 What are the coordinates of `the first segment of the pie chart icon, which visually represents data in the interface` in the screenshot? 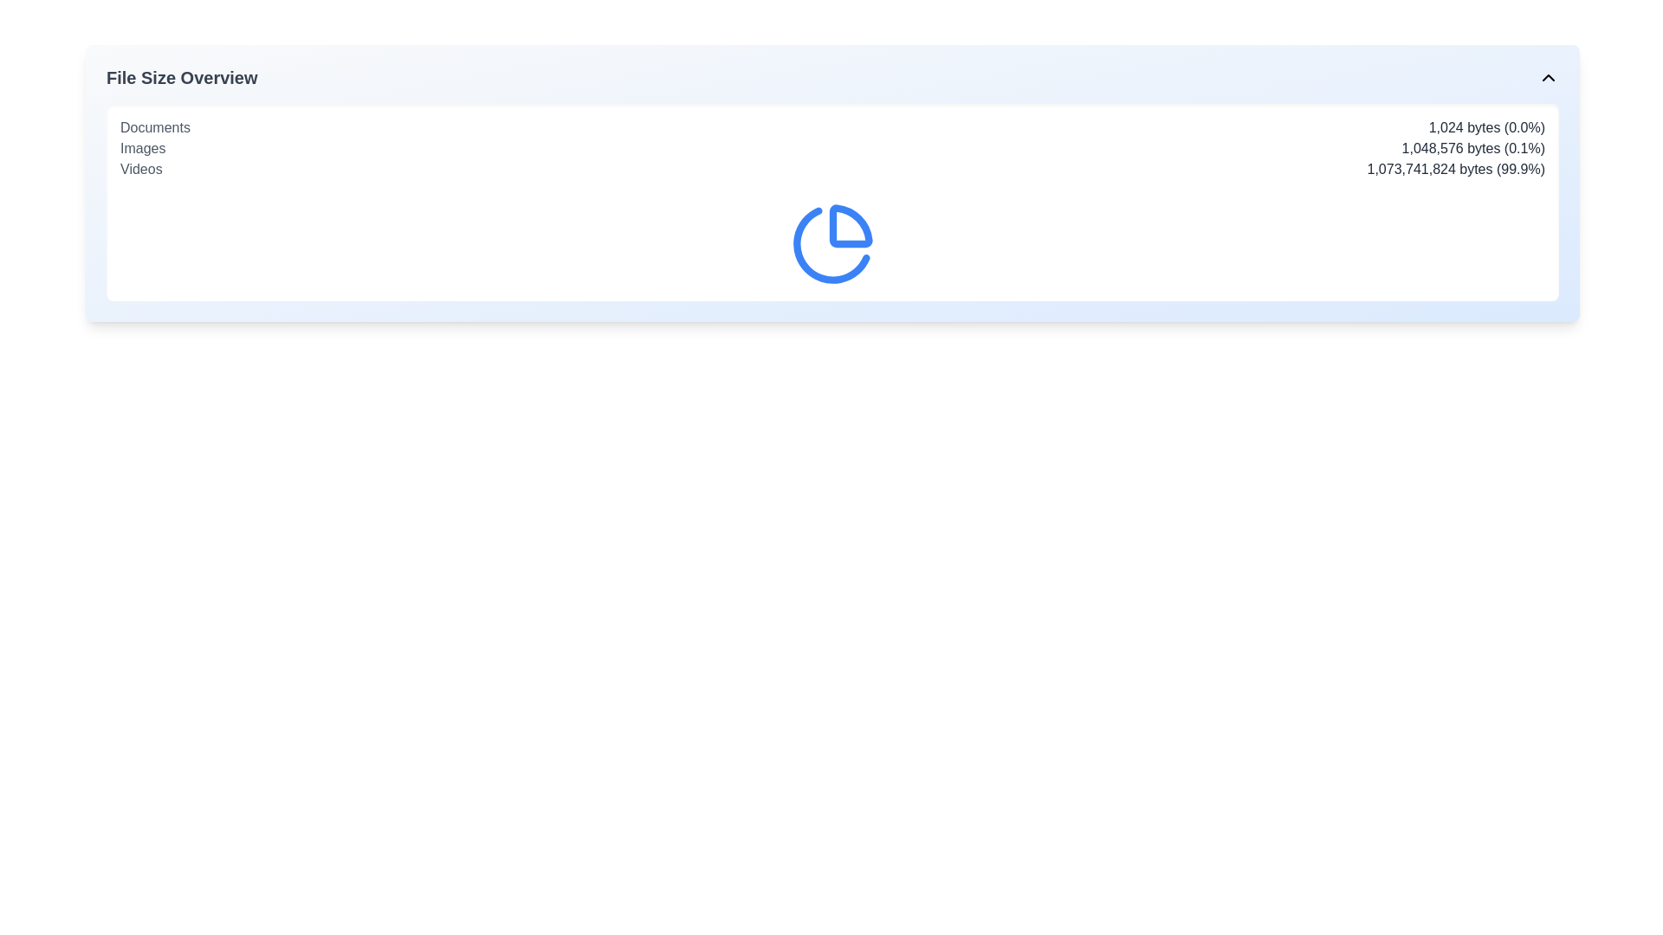 It's located at (851, 225).